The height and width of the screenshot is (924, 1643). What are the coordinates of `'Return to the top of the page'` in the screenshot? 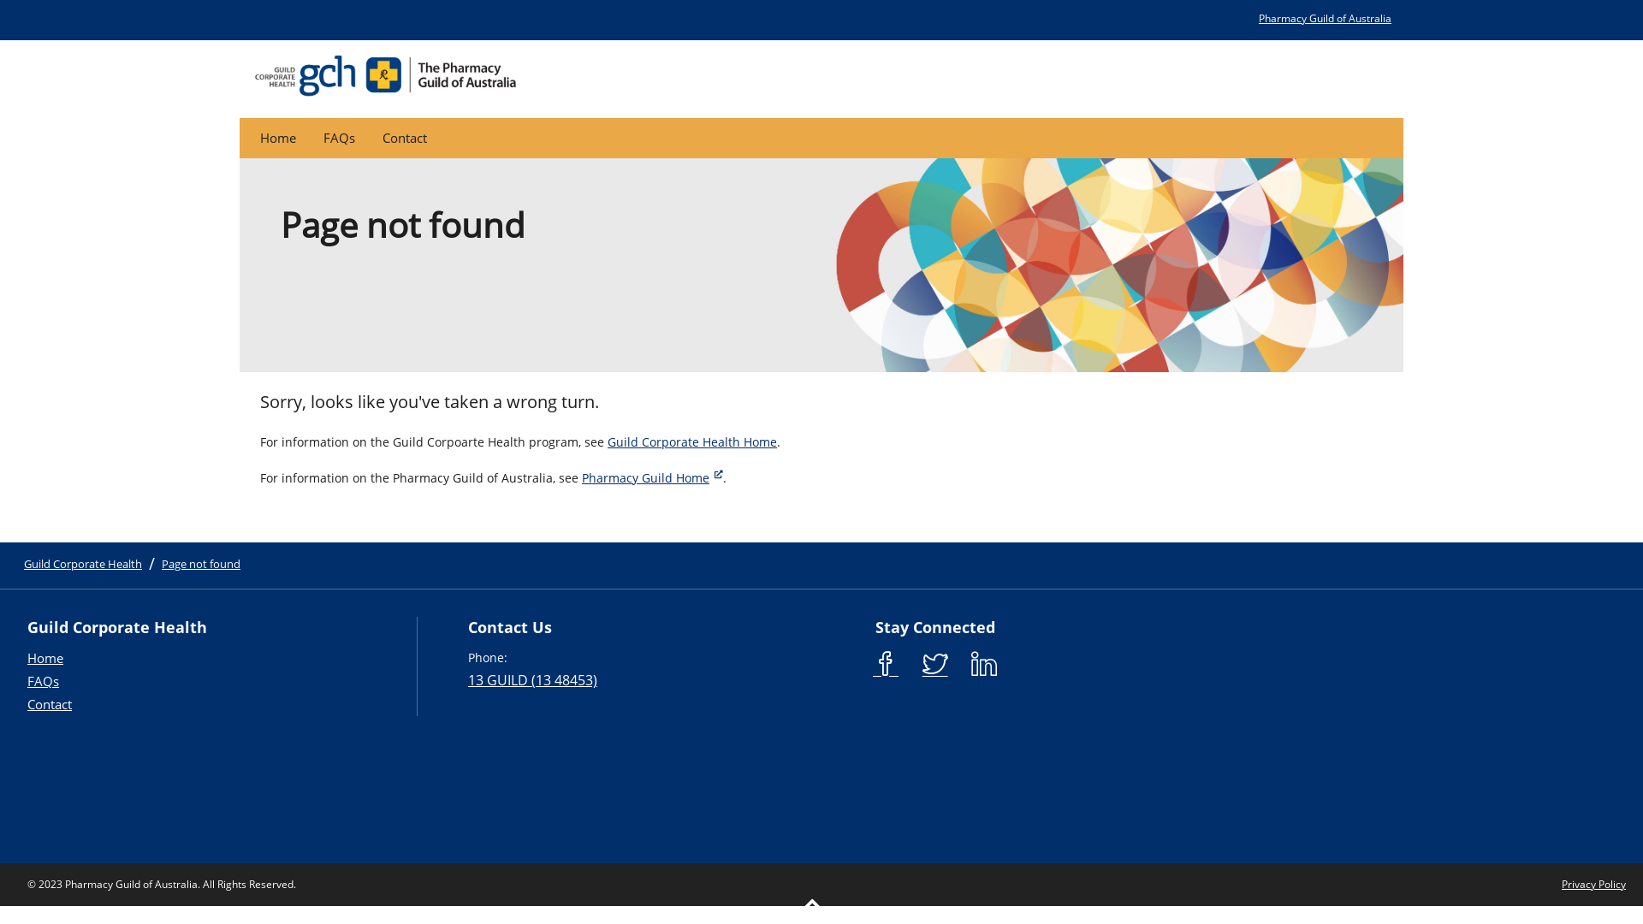 It's located at (803, 903).